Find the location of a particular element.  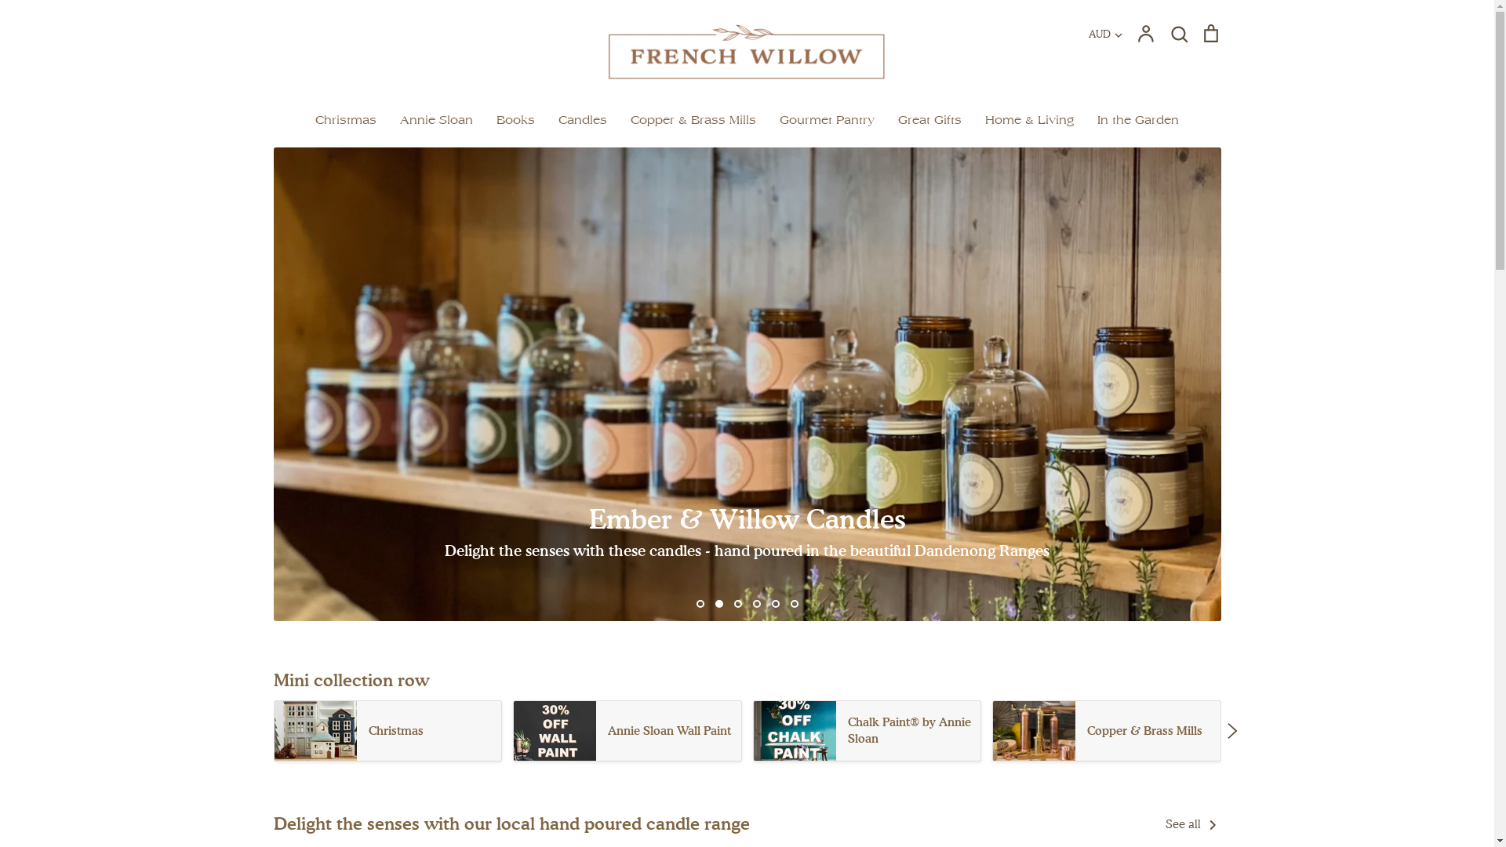

'5' is located at coordinates (775, 603).